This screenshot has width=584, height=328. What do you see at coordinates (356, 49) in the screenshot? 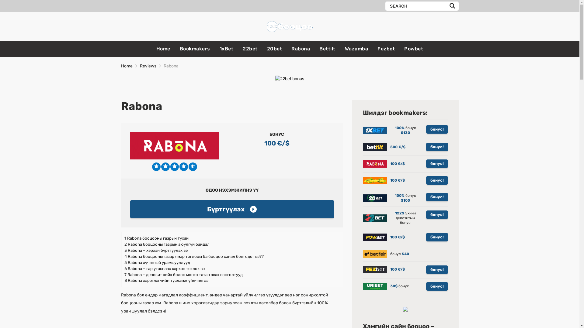
I see `'Wazamba'` at bounding box center [356, 49].